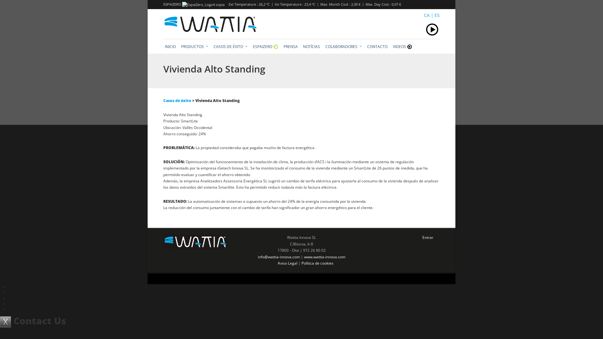 The height and width of the screenshot is (339, 603). Describe the element at coordinates (290, 45) in the screenshot. I see `'PRENSA'` at that location.